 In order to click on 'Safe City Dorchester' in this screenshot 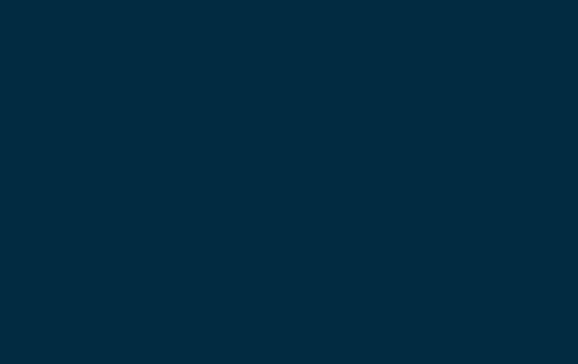, I will do `click(244, 70)`.